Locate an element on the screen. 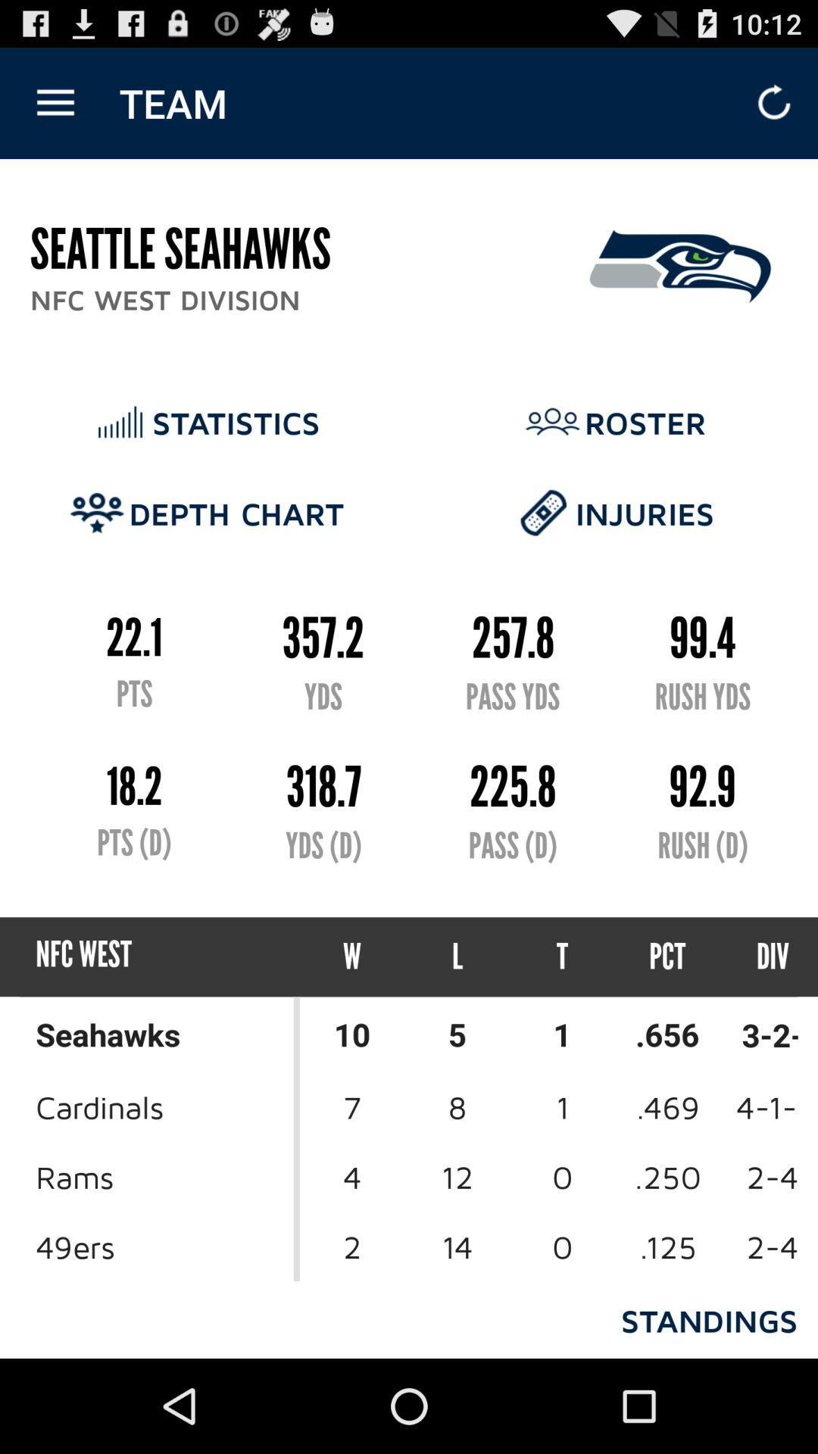 The width and height of the screenshot is (818, 1454). icon to the right of t icon is located at coordinates (667, 956).